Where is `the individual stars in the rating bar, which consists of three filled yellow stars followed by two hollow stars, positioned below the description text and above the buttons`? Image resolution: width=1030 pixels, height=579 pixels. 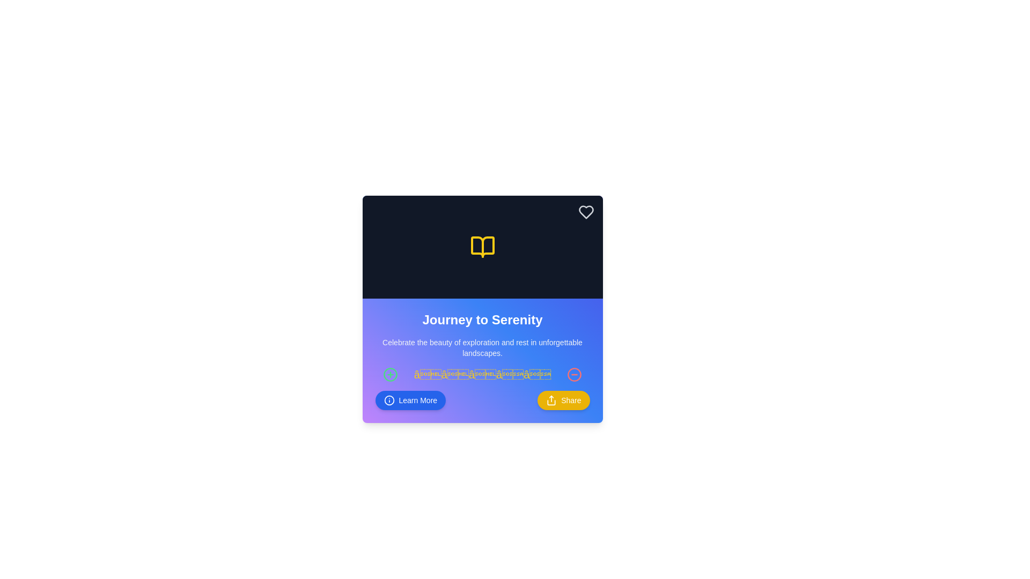 the individual stars in the rating bar, which consists of three filled yellow stars followed by two hollow stars, positioned below the description text and above the buttons is located at coordinates (482, 374).